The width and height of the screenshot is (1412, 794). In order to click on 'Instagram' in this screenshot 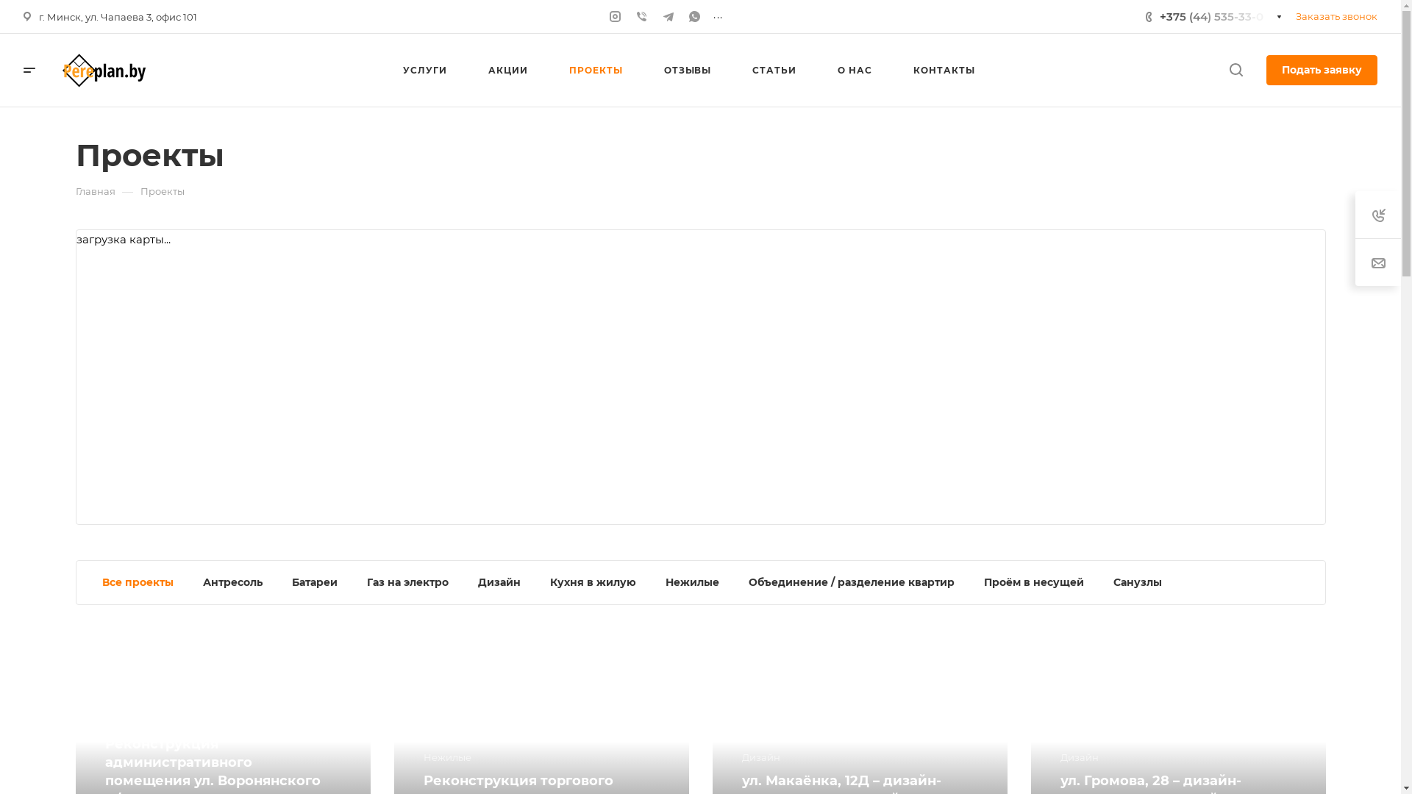, I will do `click(615, 16)`.